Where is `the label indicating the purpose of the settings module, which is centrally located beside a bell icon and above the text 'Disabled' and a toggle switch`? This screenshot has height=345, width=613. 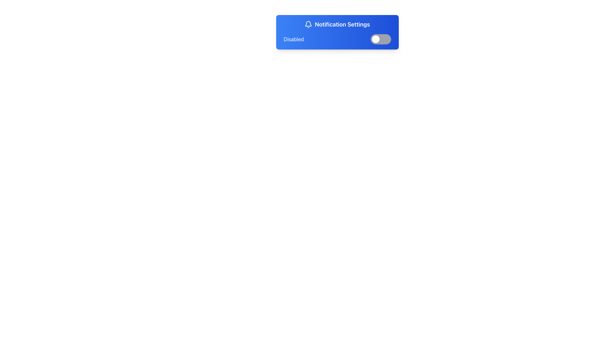 the label indicating the purpose of the settings module, which is centrally located beside a bell icon and above the text 'Disabled' and a toggle switch is located at coordinates (337, 24).